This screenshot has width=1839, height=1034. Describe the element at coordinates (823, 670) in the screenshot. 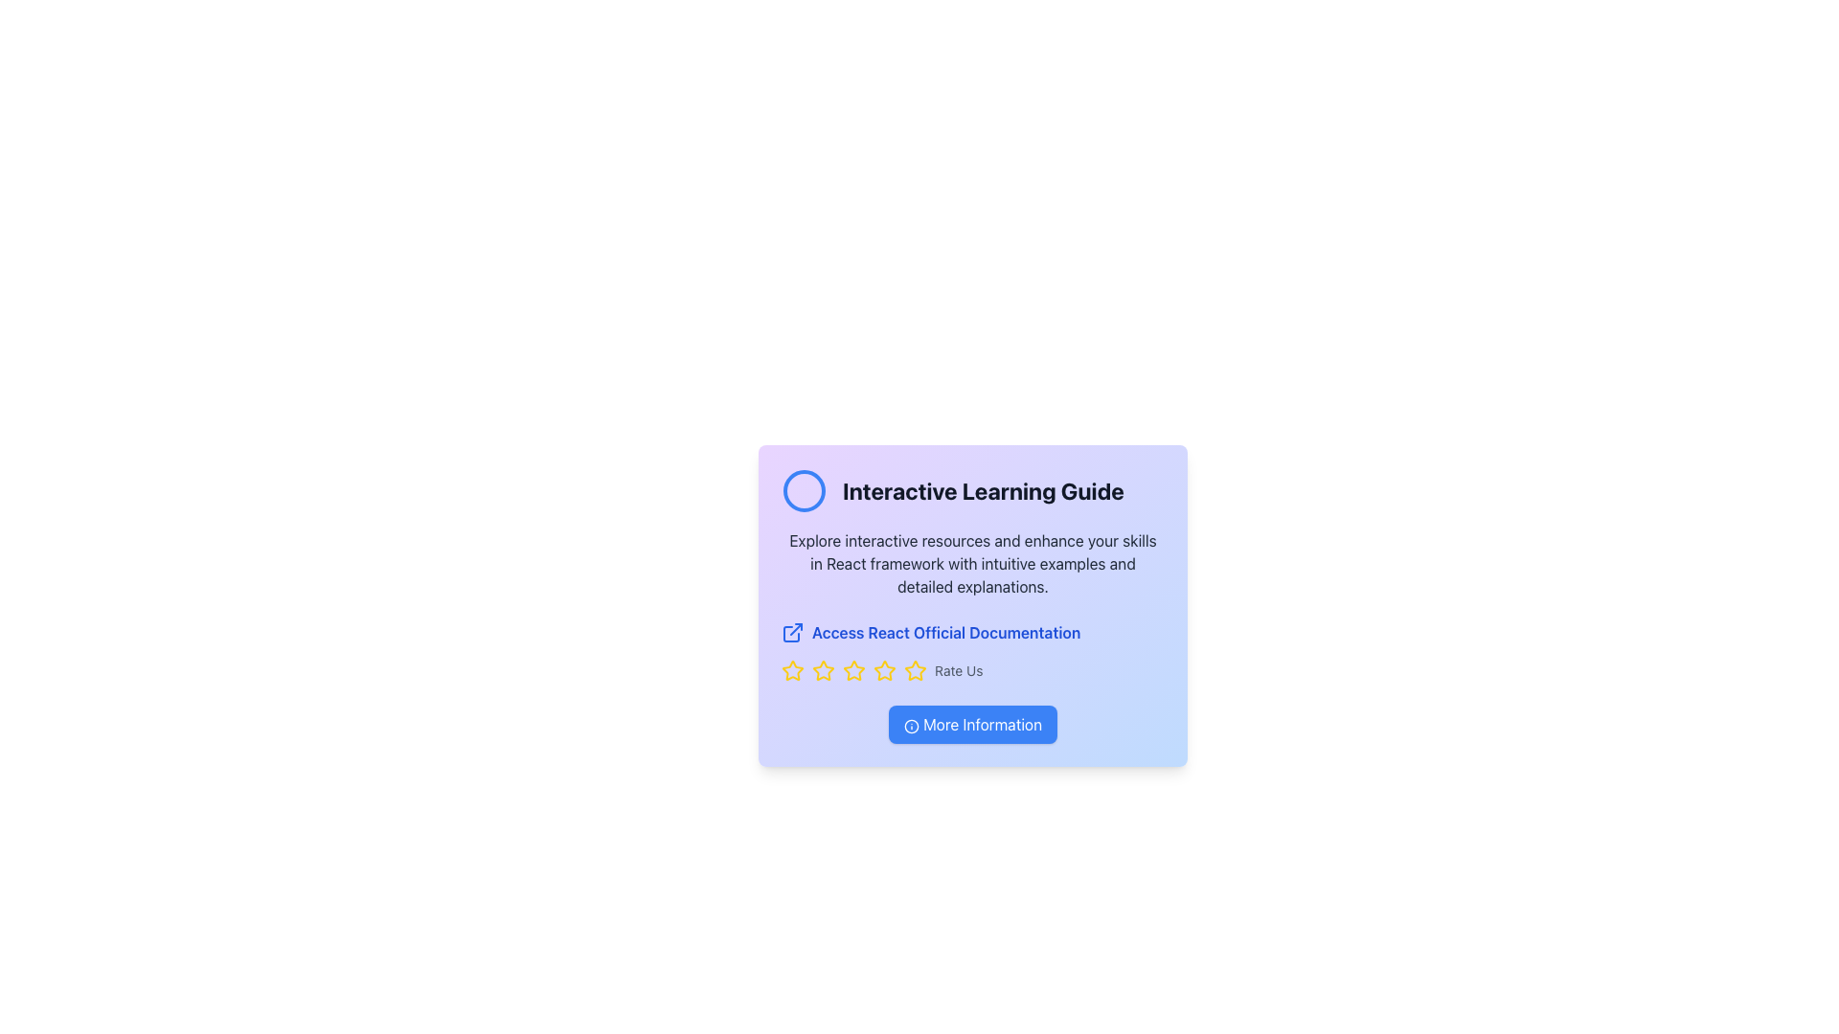

I see `the third star icon in the 'Rate Us' section` at that location.